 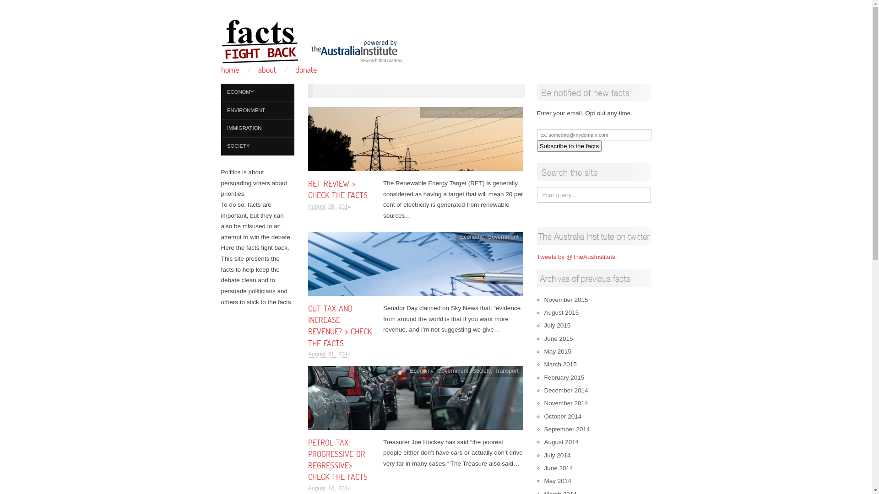 I want to click on 'Society', so click(x=481, y=370).